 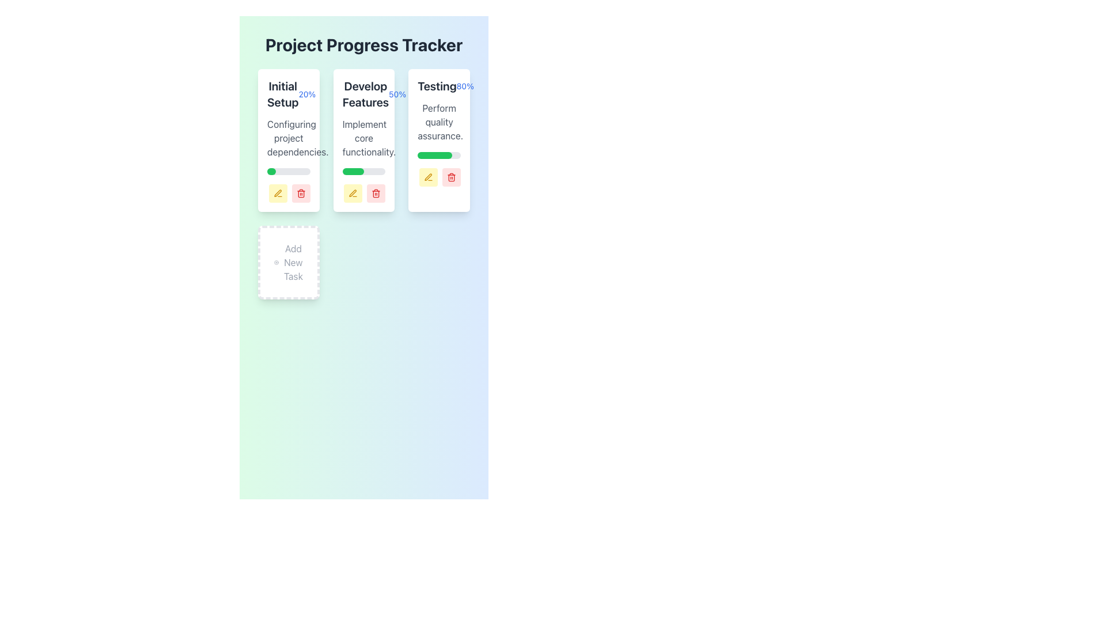 What do you see at coordinates (289, 171) in the screenshot?
I see `the progress bar located at the bottom section of the 'Initial Setup' card, which visually represents the completion percentage of the task and is situated above the action buttons` at bounding box center [289, 171].